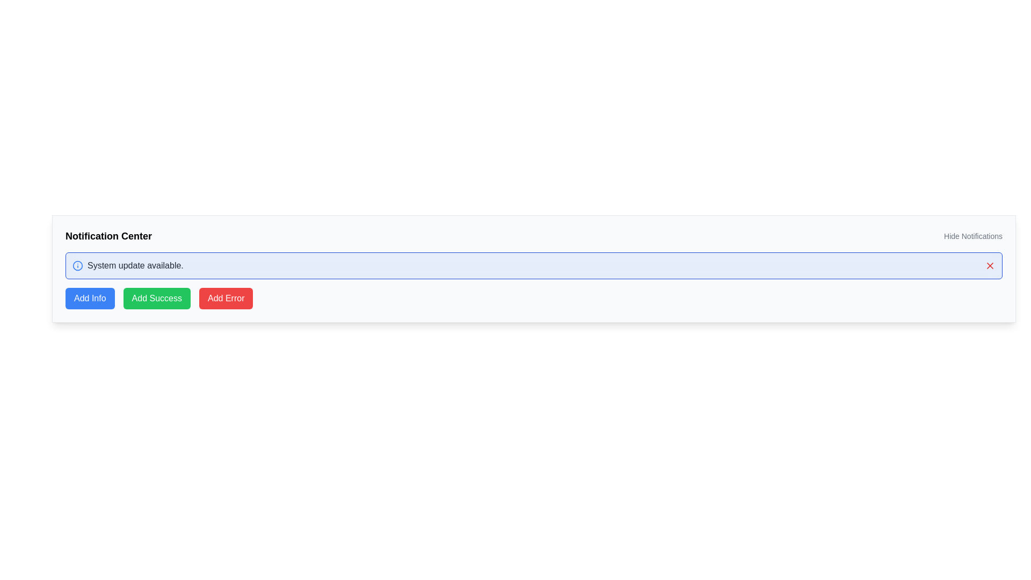  I want to click on the dismiss button located at the top-right corner of the notification box displaying 'System update available.' to observe the styling change, so click(989, 265).